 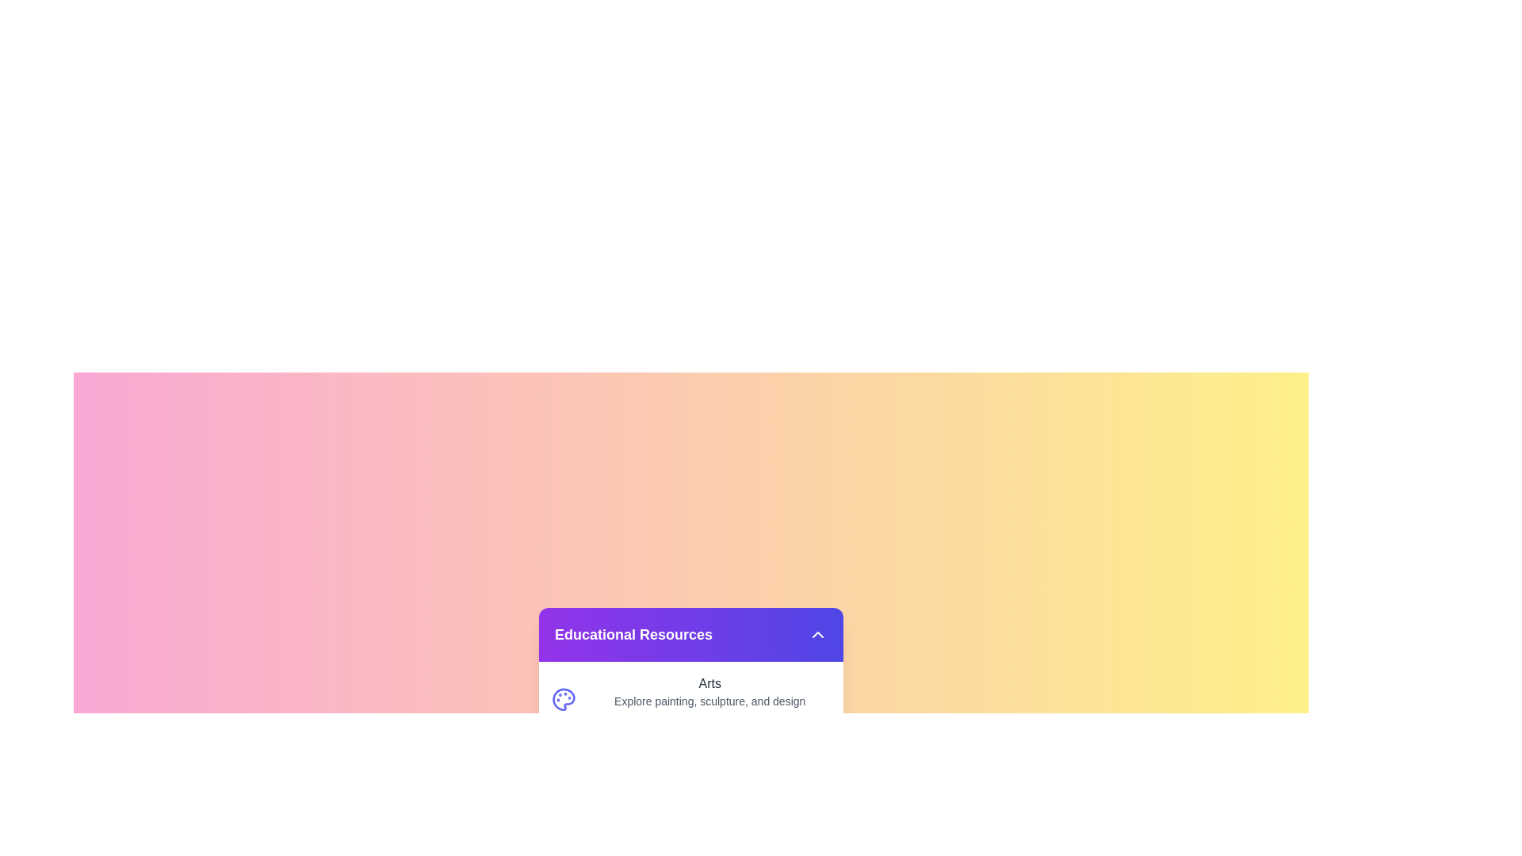 What do you see at coordinates (691, 698) in the screenshot?
I see `the educational resource Arts from the list` at bounding box center [691, 698].